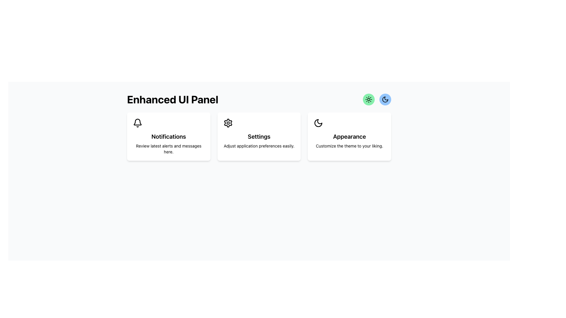  Describe the element at coordinates (318, 122) in the screenshot. I see `the moon icon located at the top left of the 'Appearance' card section` at that location.